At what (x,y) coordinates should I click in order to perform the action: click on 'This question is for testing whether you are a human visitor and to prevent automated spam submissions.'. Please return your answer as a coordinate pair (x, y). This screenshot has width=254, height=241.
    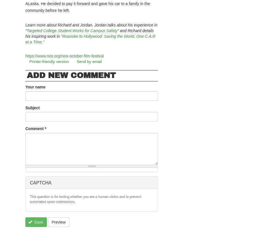
    Looking at the image, I should click on (30, 199).